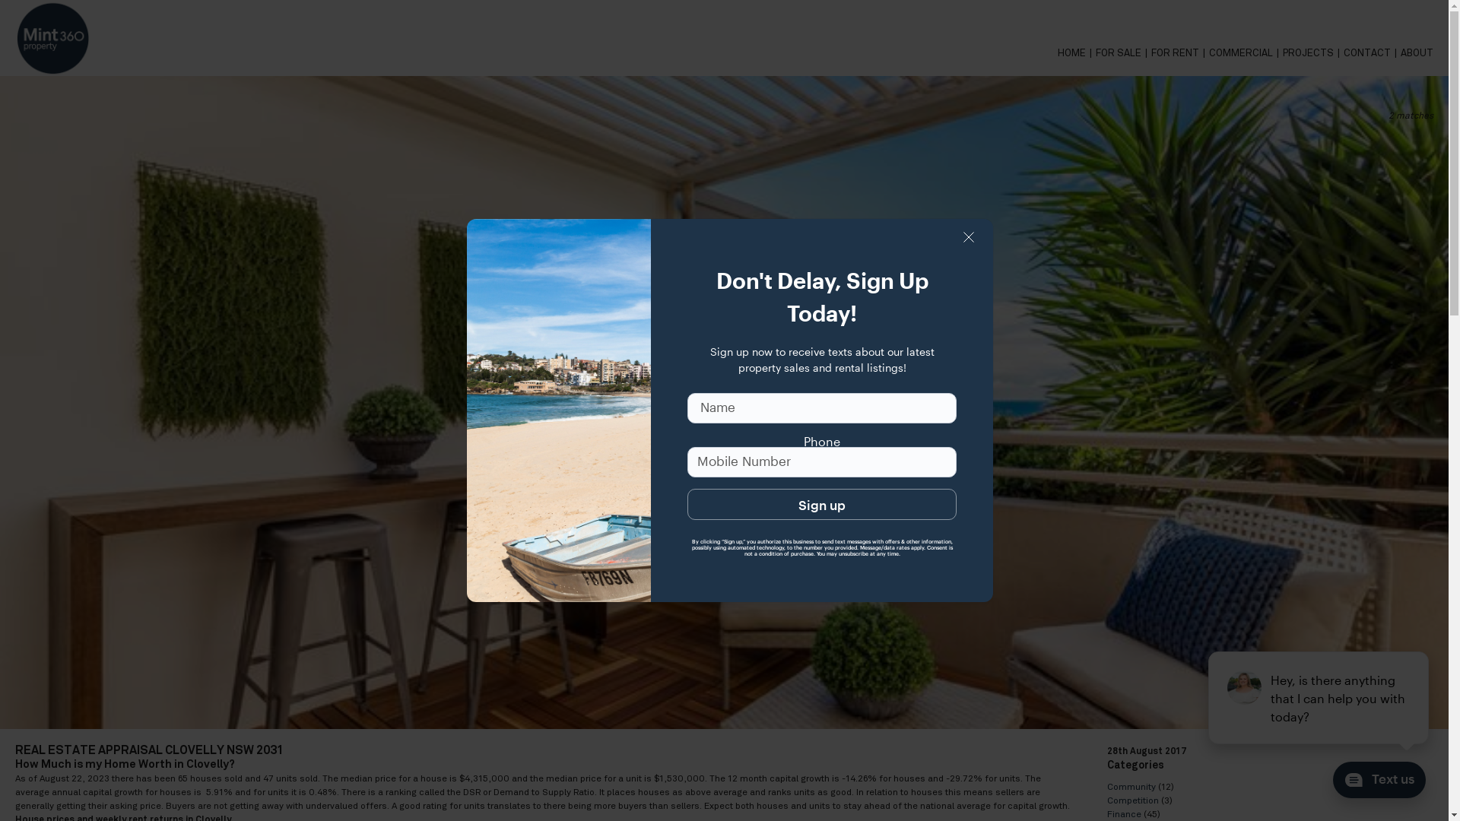 The width and height of the screenshot is (1460, 821). Describe the element at coordinates (1372, 52) in the screenshot. I see `'CONTACT'` at that location.